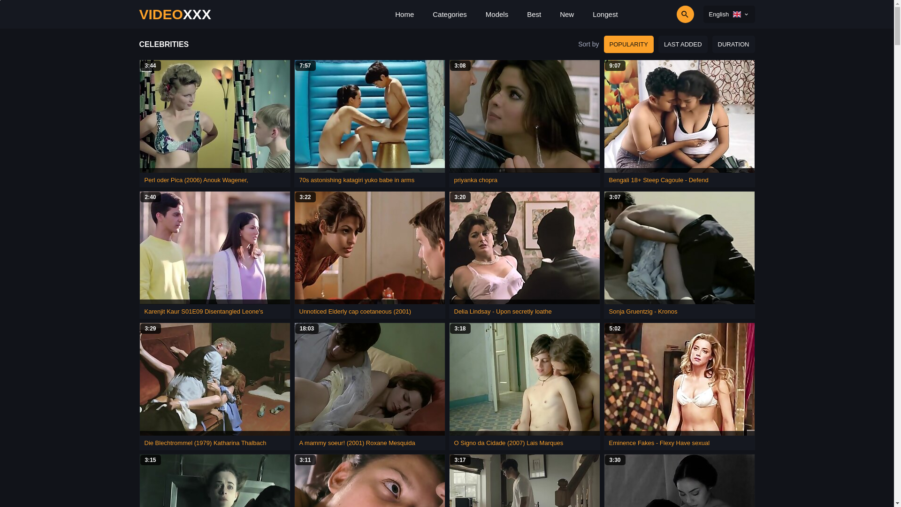  What do you see at coordinates (405, 14) in the screenshot?
I see `'Home'` at bounding box center [405, 14].